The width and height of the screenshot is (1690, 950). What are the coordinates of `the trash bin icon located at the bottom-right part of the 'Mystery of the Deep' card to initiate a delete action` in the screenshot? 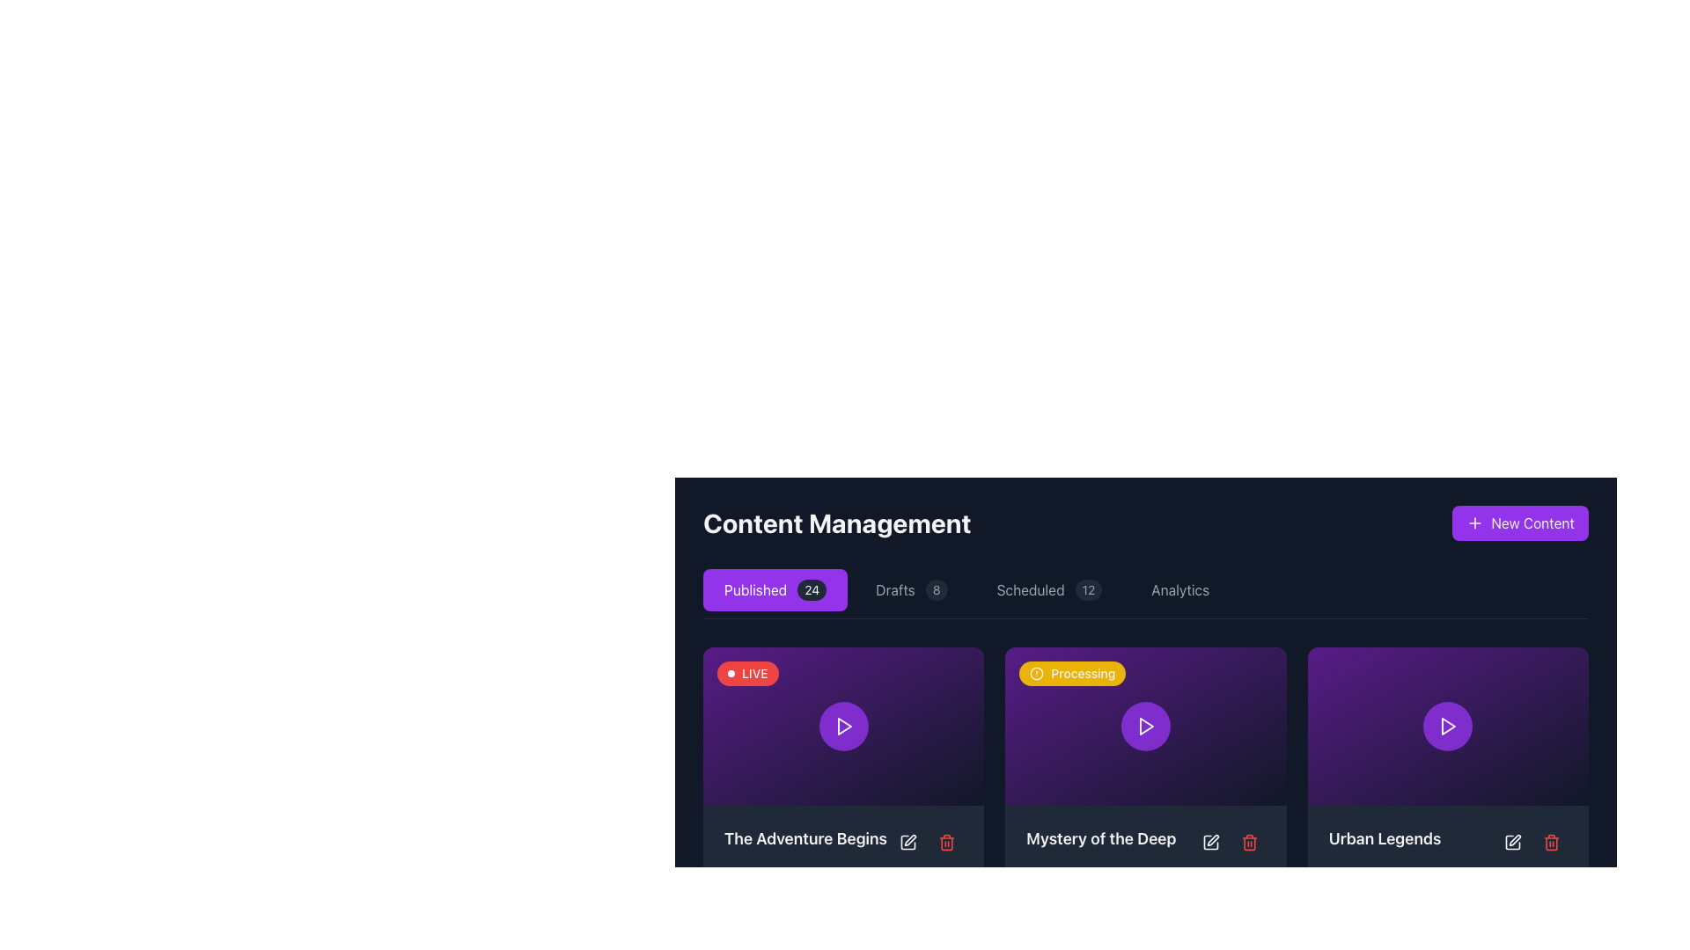 It's located at (1248, 843).